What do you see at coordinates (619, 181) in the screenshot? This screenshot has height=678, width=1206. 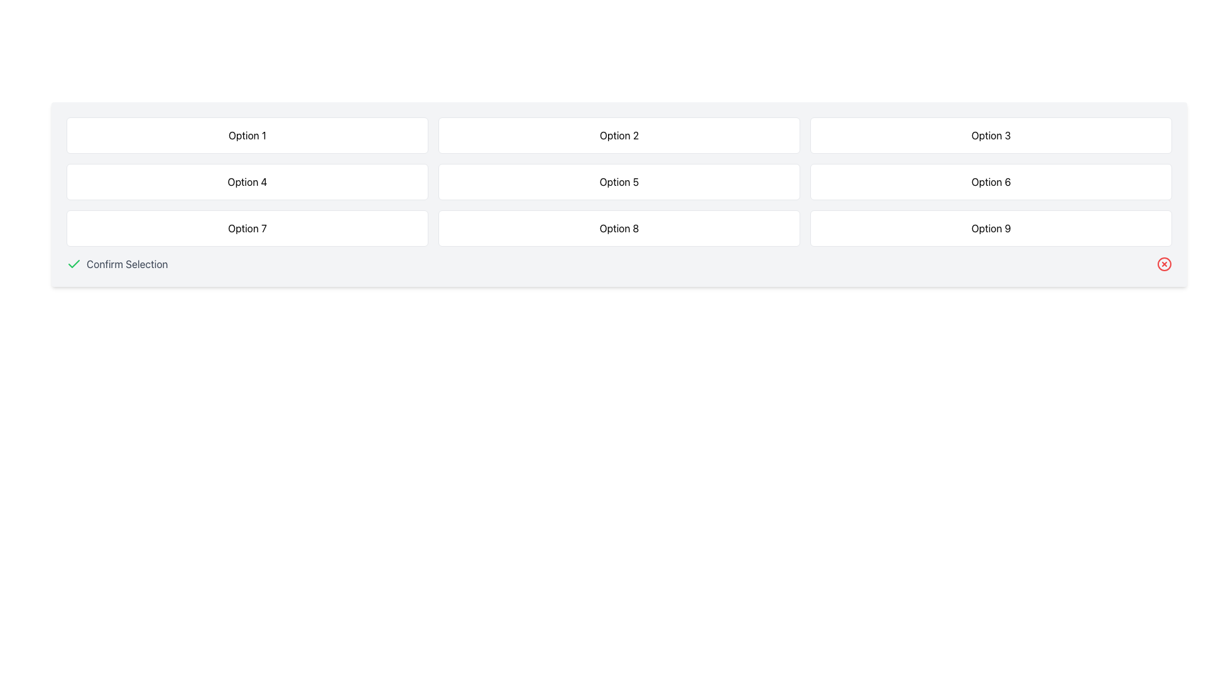 I see `the 'Option 5' button, which is a rectangular box with rounded corners and a white background` at bounding box center [619, 181].